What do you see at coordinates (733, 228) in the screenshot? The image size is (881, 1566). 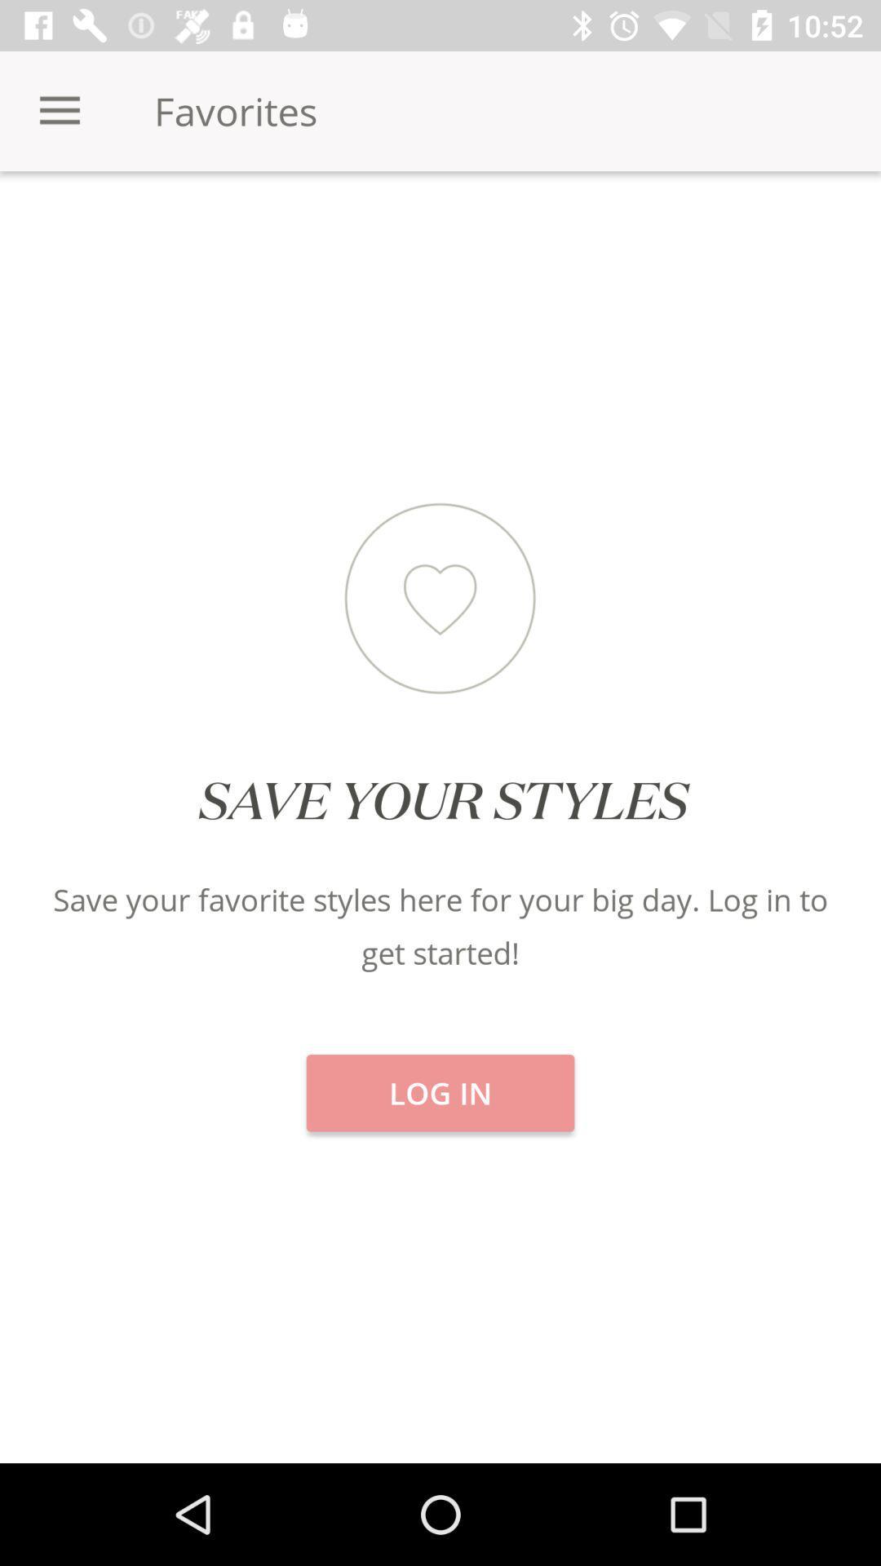 I see `the item above the hello` at bounding box center [733, 228].